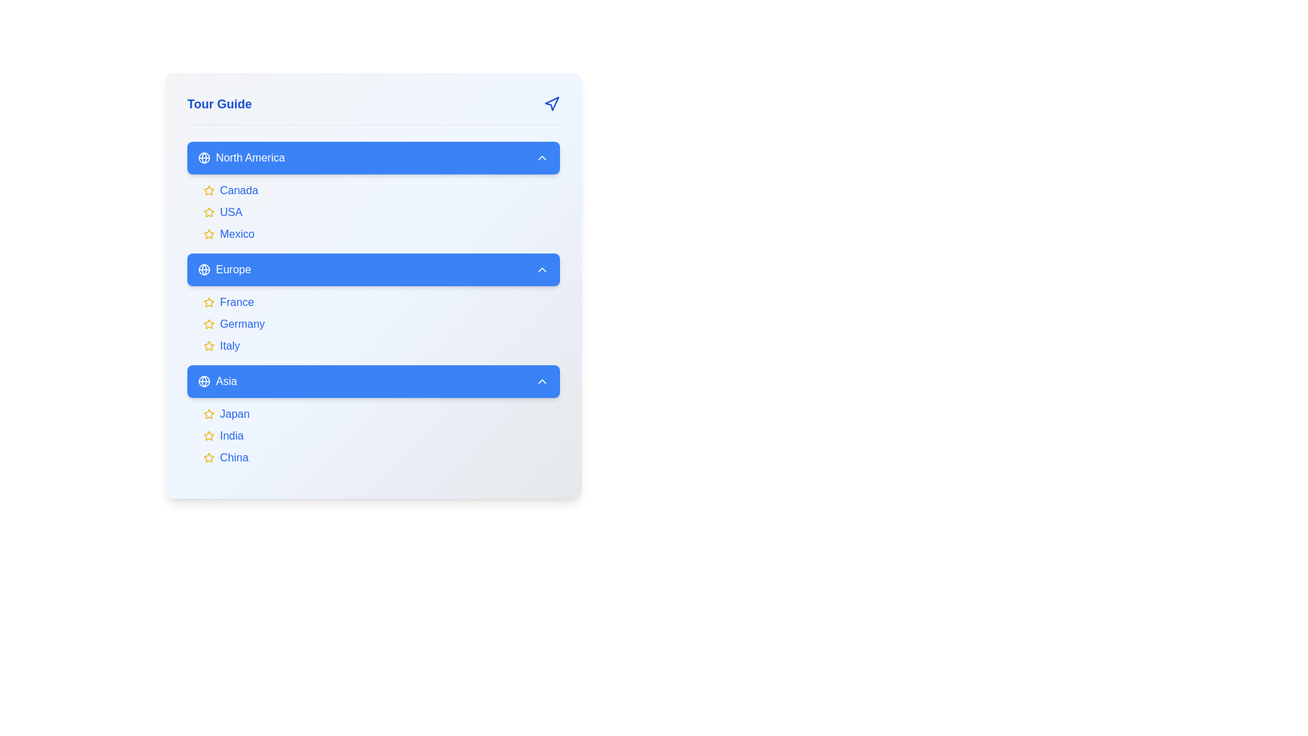 This screenshot has height=736, width=1308. What do you see at coordinates (236, 301) in the screenshot?
I see `the hyperlink text that navigates to the 'France' section, which is the first item in the 'Europe' category list, to underline the text` at bounding box center [236, 301].